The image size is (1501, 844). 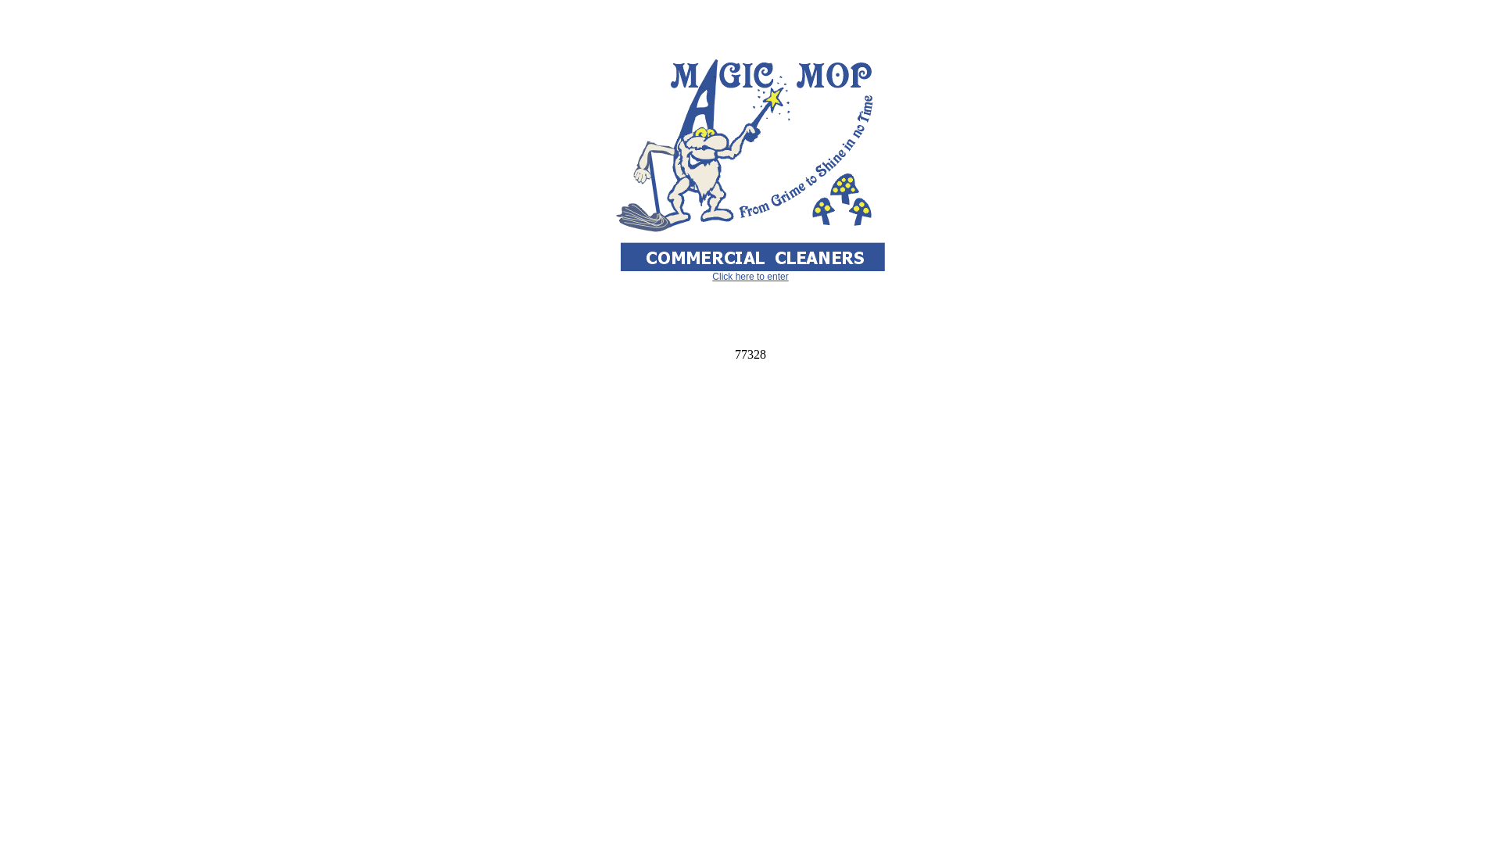 I want to click on 'Click here to enter', so click(x=749, y=276).